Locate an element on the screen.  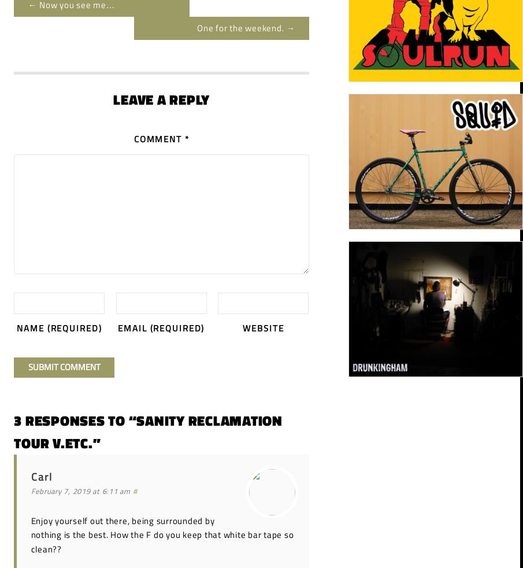
'Email' is located at coordinates (117, 327).